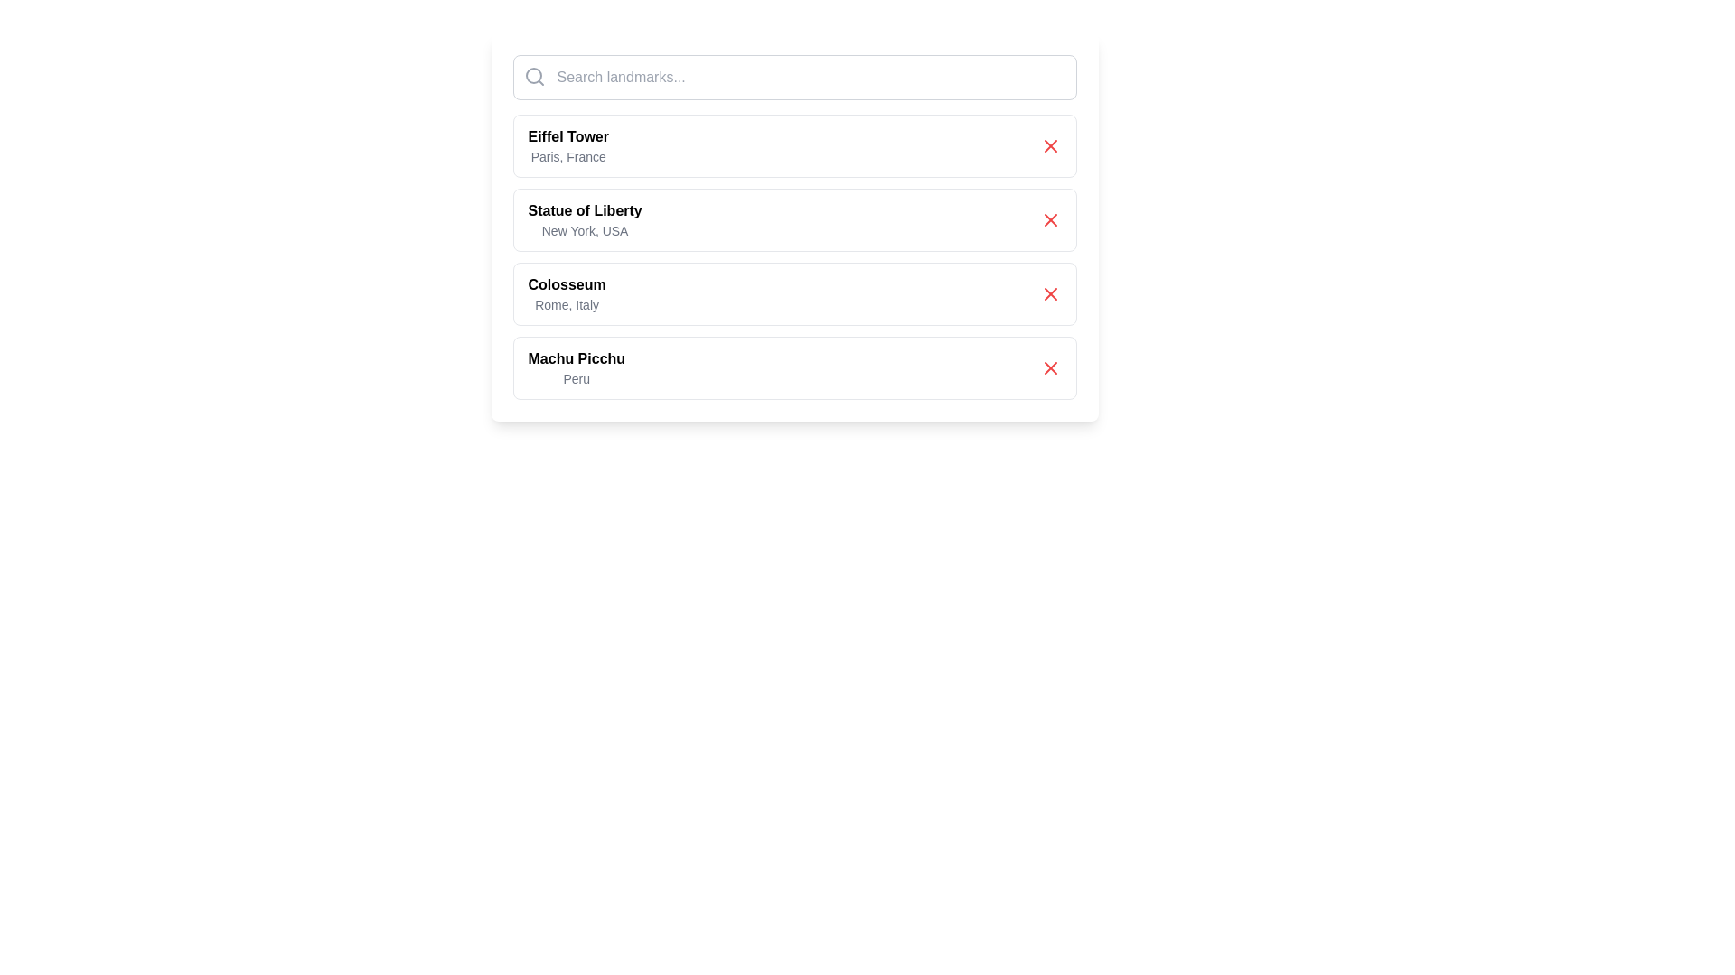 This screenshot has height=975, width=1735. What do you see at coordinates (576, 378) in the screenshot?
I see `the text element providing context about 'Machu Picchu', located beneath its title and to the left of a red 'X' icon` at bounding box center [576, 378].